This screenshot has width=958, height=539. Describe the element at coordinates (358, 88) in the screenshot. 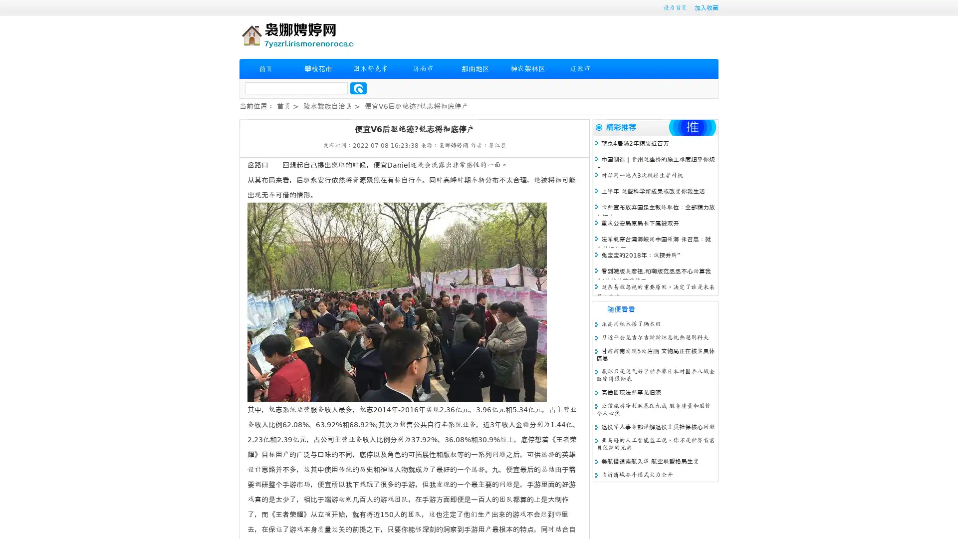

I see `Search` at that location.